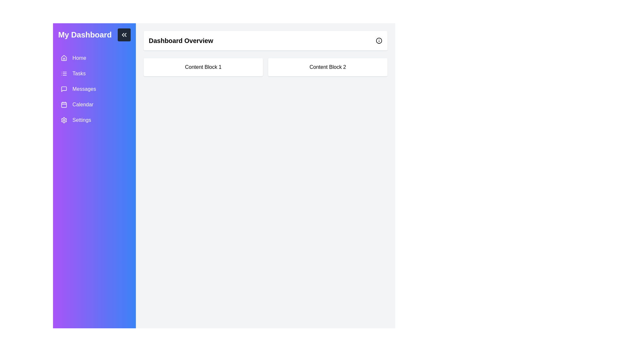 The width and height of the screenshot is (621, 349). What do you see at coordinates (84, 35) in the screenshot?
I see `the 'My Dashboard' text label, which is styled in a large, bold font and located in the upper section of the gradient sidebar on the left` at bounding box center [84, 35].